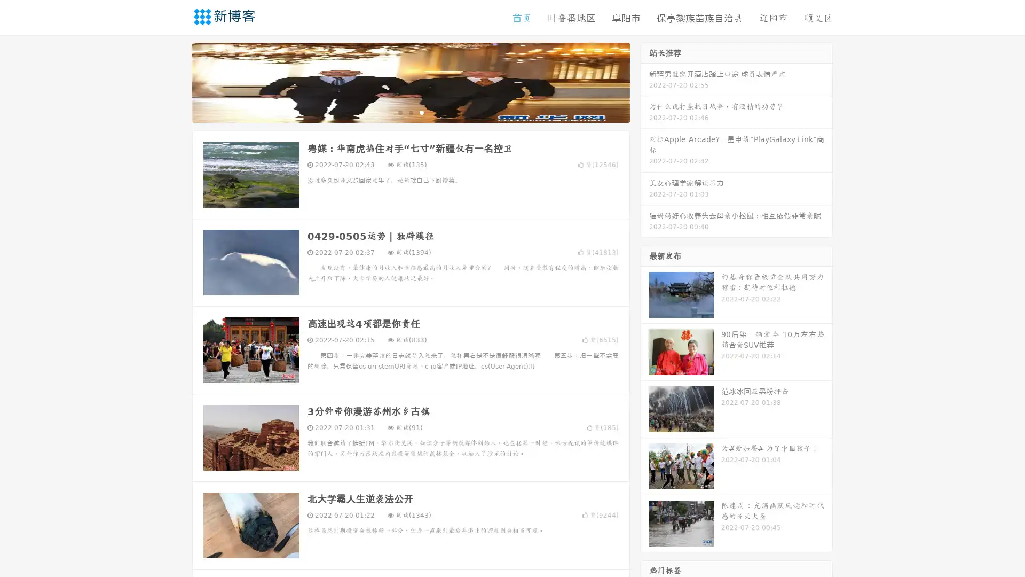 This screenshot has height=577, width=1025. I want to click on Previous slide, so click(176, 90).